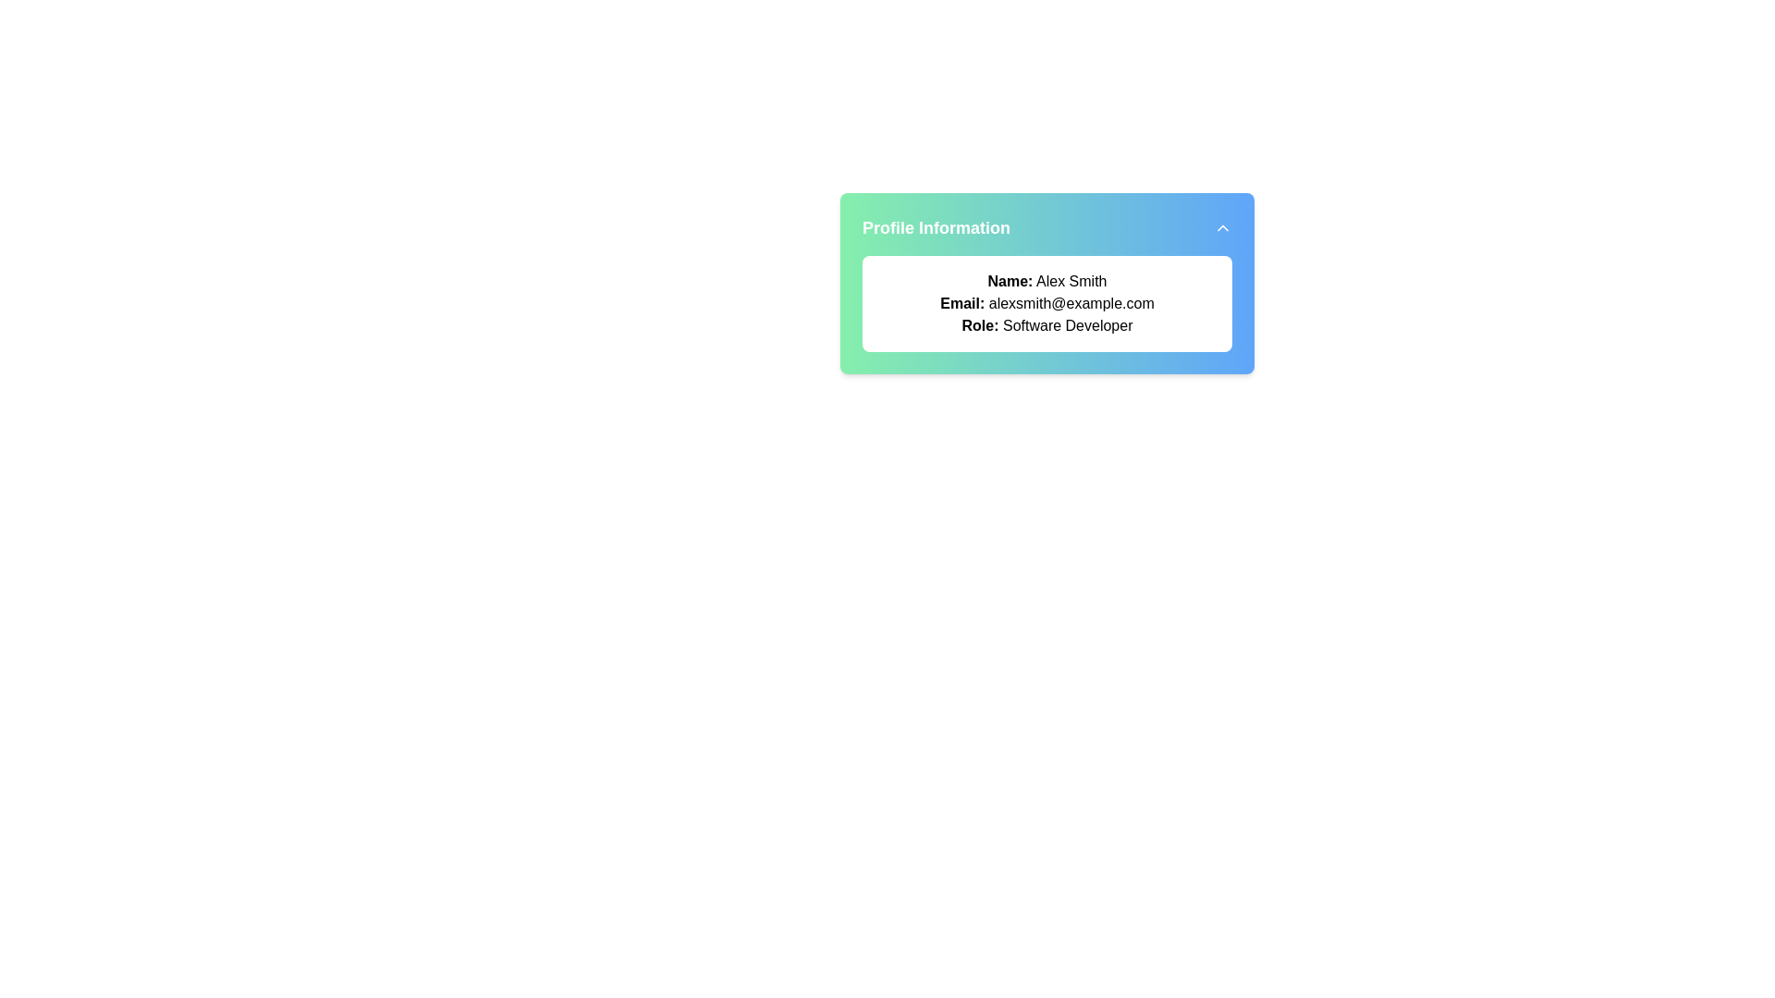 The height and width of the screenshot is (998, 1775). What do you see at coordinates (1010, 281) in the screenshot?
I see `the 'Name:' text label located in the 'Profile Information' card, which is styled in bold and is the first label in a vertical list above the user's name 'Alex Smith'` at bounding box center [1010, 281].